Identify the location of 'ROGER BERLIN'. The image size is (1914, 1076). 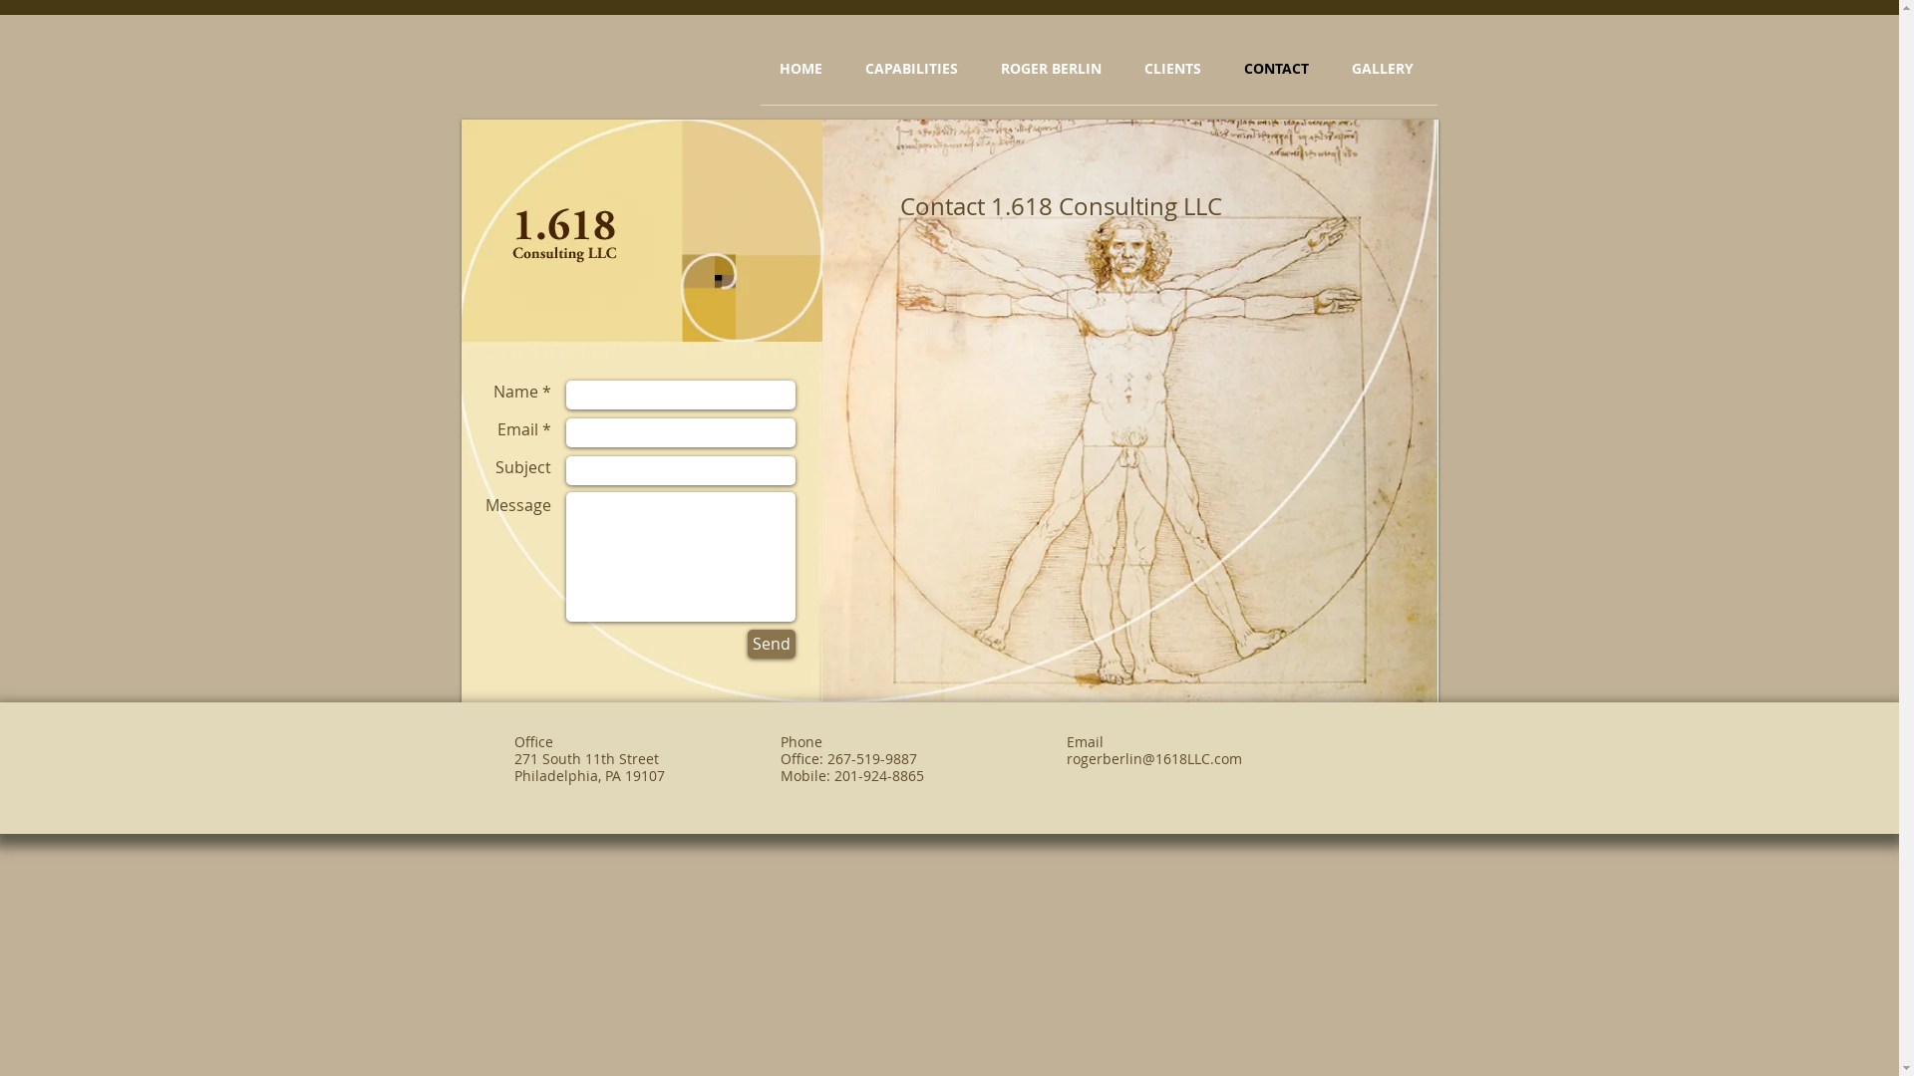
(1043, 68).